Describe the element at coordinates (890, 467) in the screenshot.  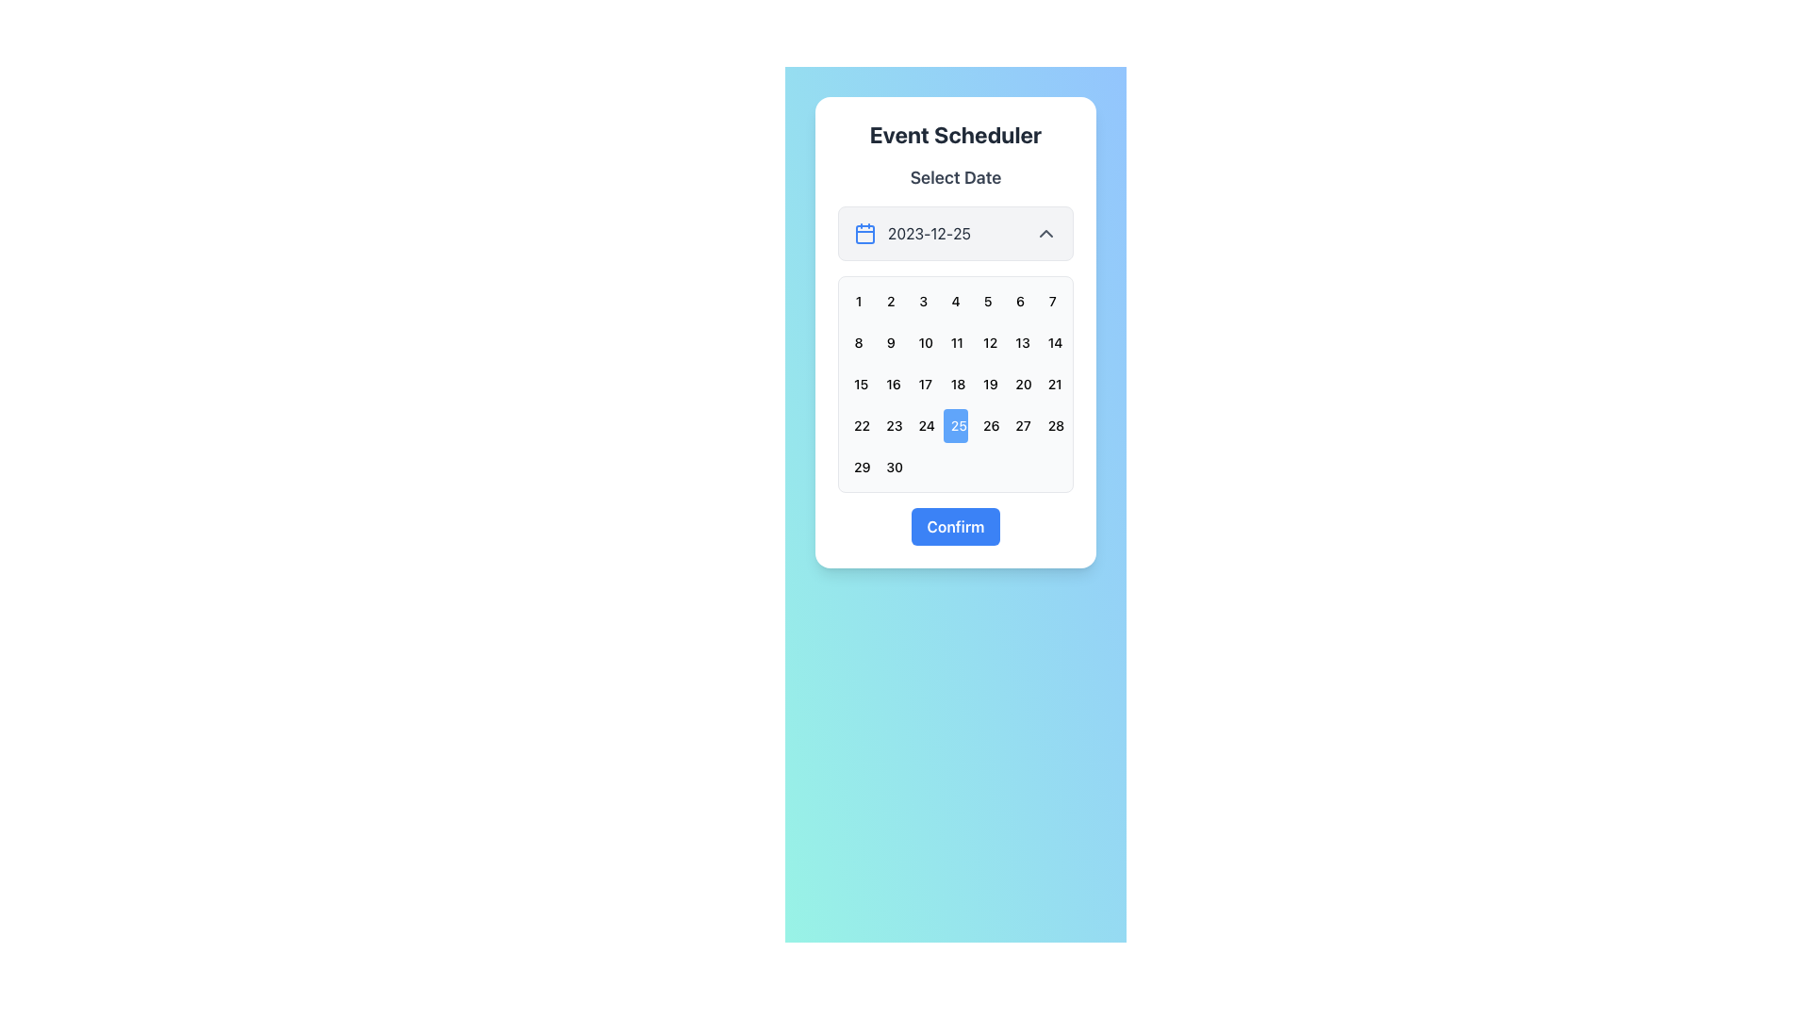
I see `the date selection button for '30' in the calendar interface, located in the last row, second column of a 7-column grid` at that location.